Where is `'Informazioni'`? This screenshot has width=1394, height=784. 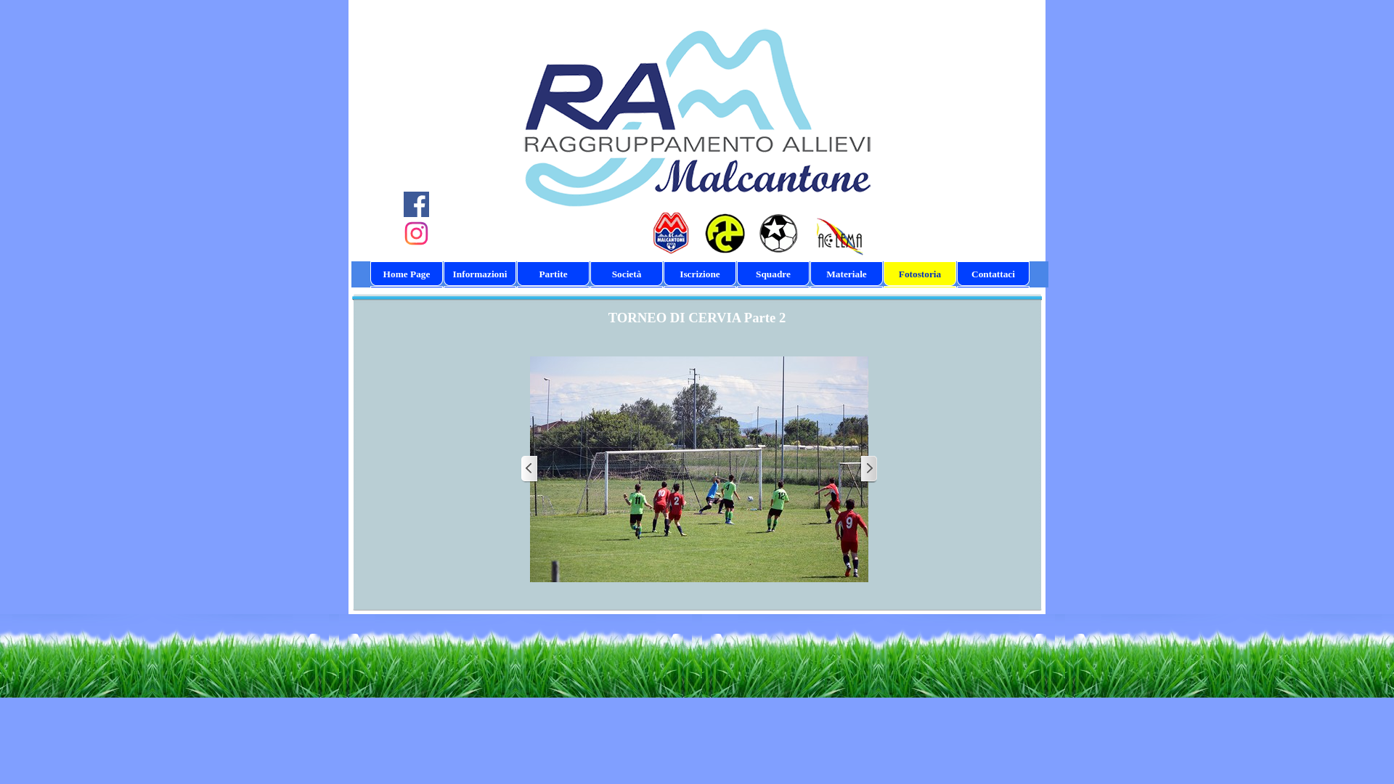 'Informazioni' is located at coordinates (445, 274).